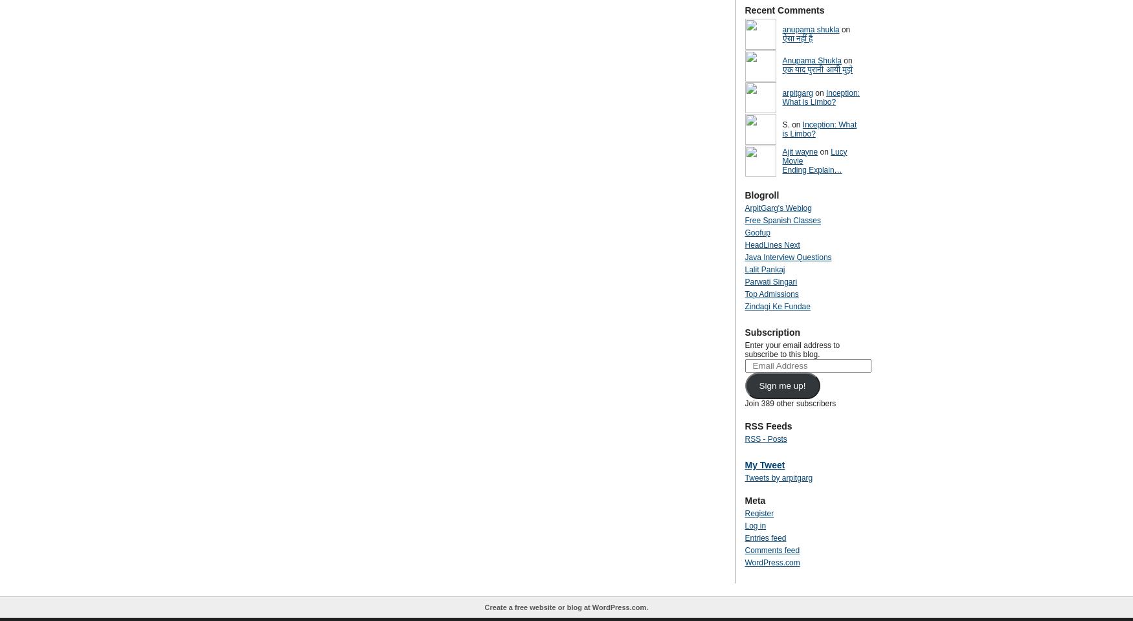 The height and width of the screenshot is (621, 1133). Describe the element at coordinates (772, 550) in the screenshot. I see `'Comments feed'` at that location.